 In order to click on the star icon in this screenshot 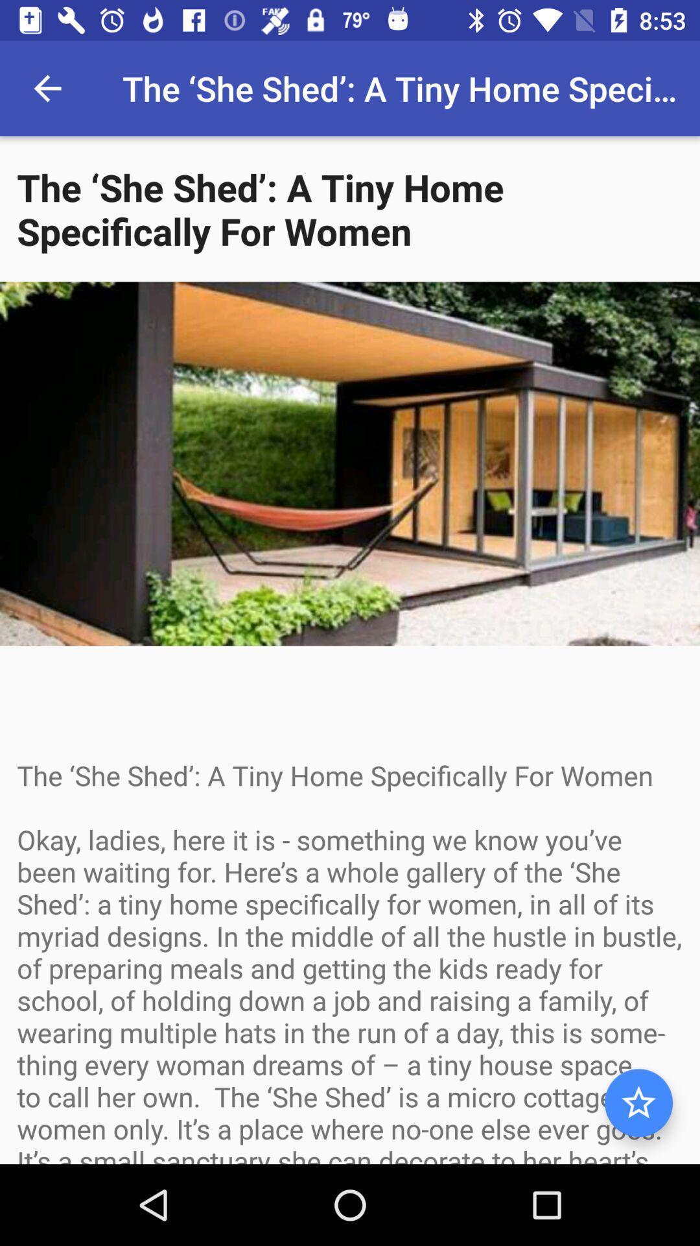, I will do `click(638, 1102)`.